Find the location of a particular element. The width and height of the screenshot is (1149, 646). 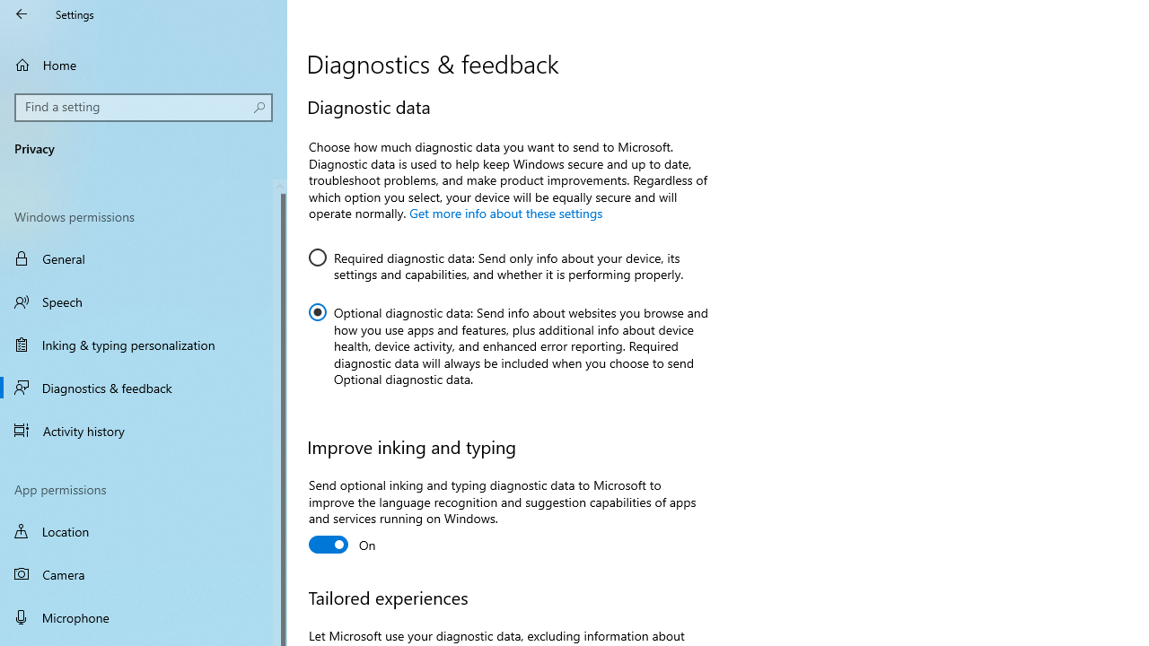

'Search box, Find a setting' is located at coordinates (144, 107).